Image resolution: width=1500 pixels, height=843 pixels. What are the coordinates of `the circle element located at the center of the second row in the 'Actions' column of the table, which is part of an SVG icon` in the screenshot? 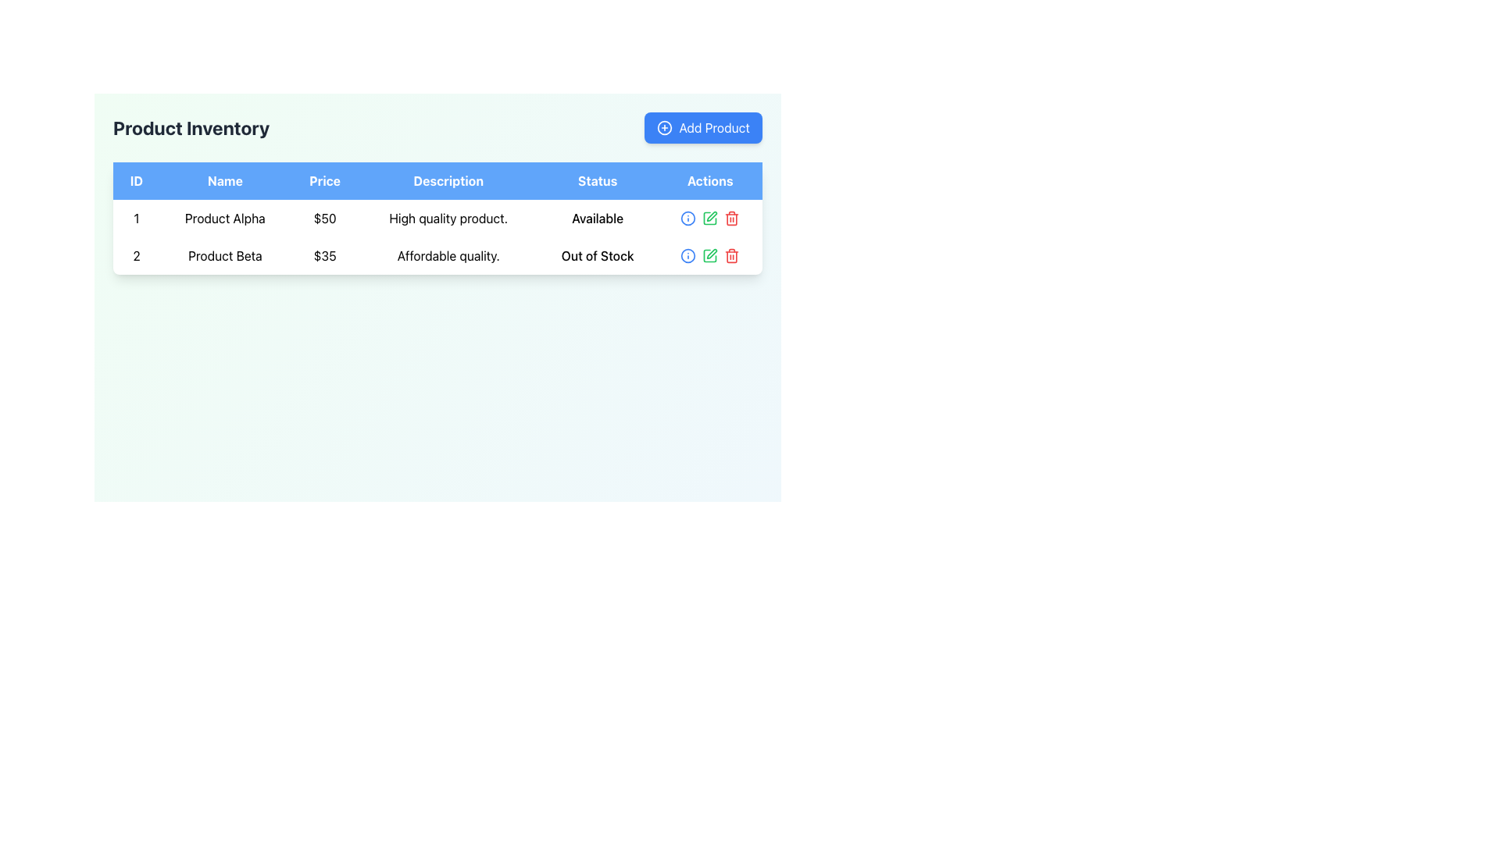 It's located at (687, 219).